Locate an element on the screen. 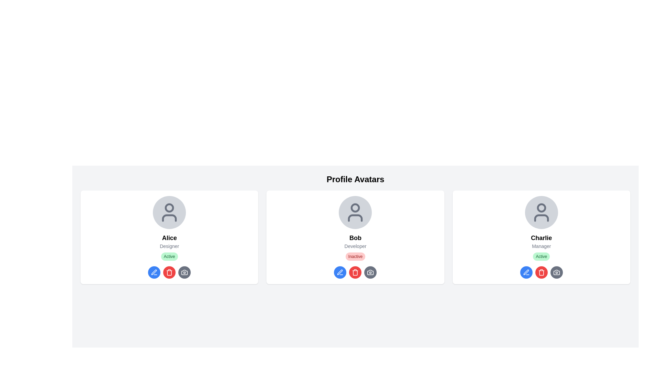 The width and height of the screenshot is (661, 372). the left part of the camera icon graphic in the profile card section is located at coordinates (556, 272).